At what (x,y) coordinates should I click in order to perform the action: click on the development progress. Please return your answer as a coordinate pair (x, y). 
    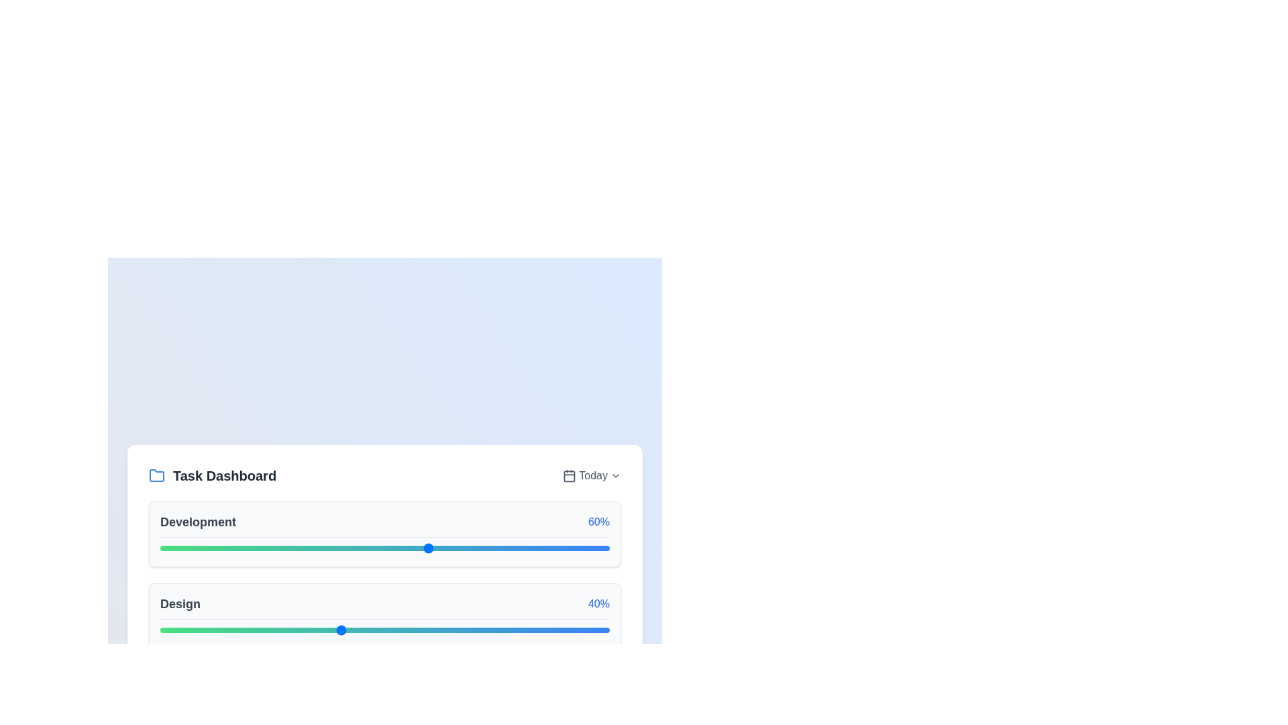
    Looking at the image, I should click on (317, 548).